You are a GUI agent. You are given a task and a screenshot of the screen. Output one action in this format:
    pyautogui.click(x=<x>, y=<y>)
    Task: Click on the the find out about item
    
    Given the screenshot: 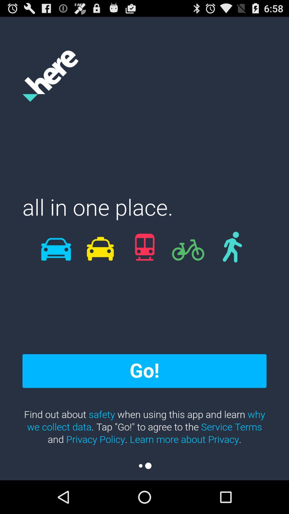 What is the action you would take?
    pyautogui.click(x=144, y=426)
    